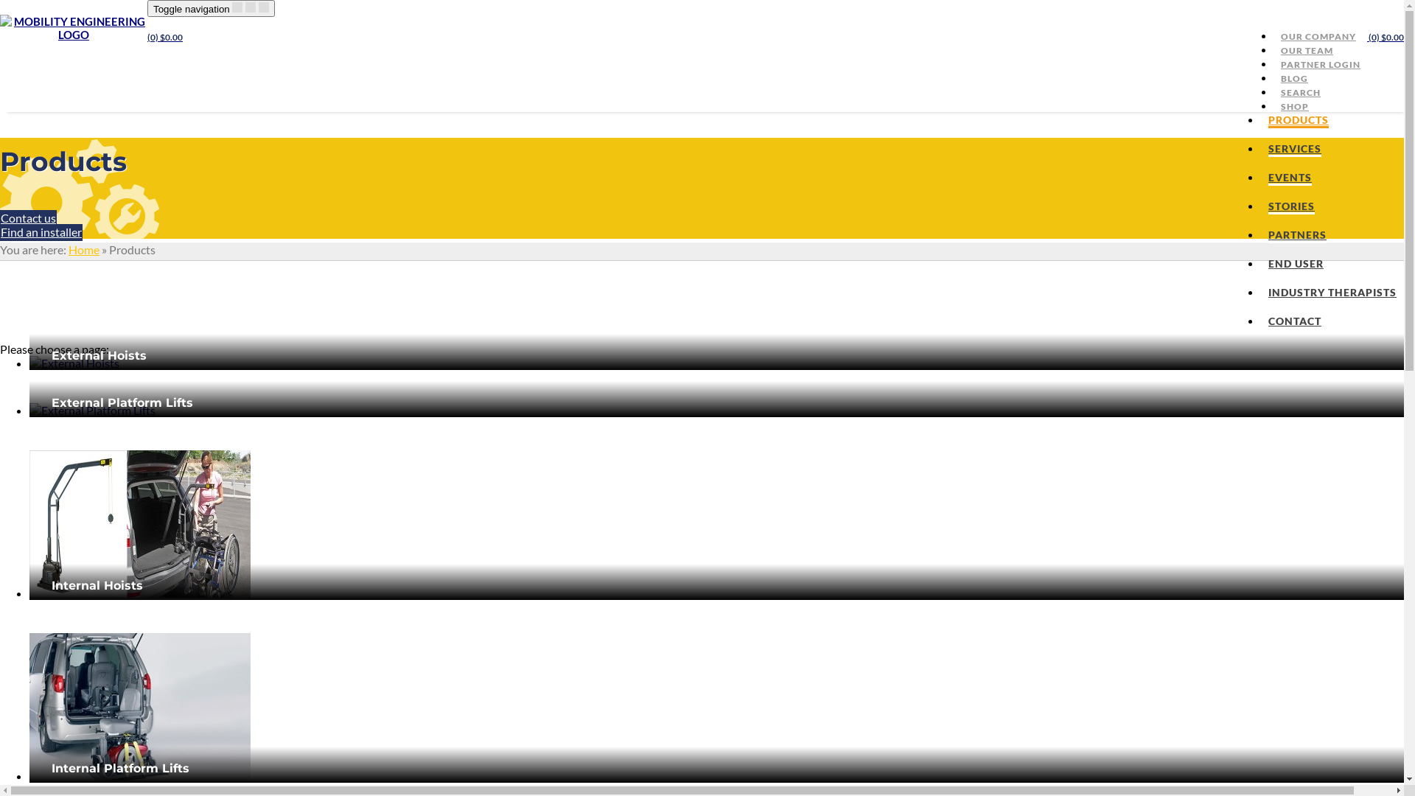  What do you see at coordinates (1293, 105) in the screenshot?
I see `'SHOP'` at bounding box center [1293, 105].